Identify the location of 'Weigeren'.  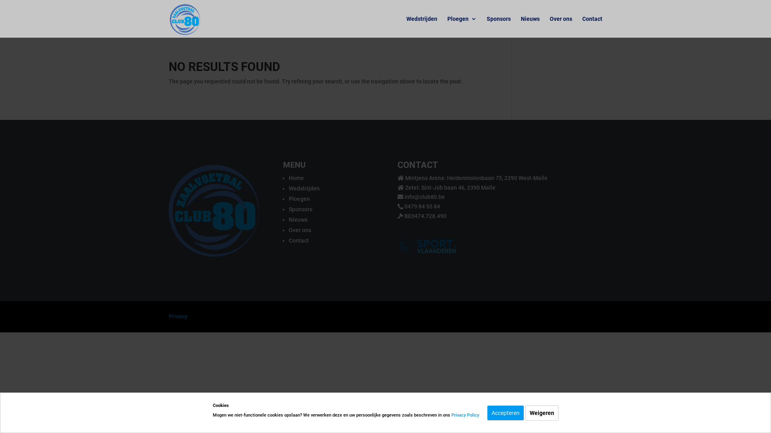
(542, 413).